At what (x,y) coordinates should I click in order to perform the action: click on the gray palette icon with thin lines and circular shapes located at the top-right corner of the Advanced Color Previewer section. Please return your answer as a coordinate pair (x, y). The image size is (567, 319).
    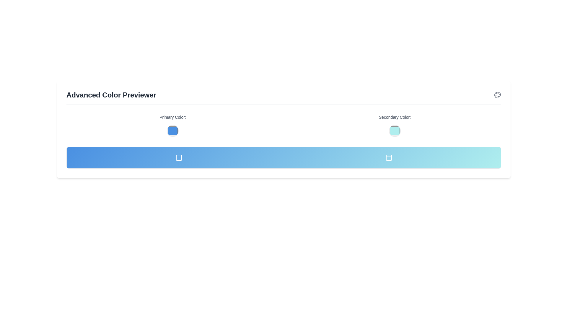
    Looking at the image, I should click on (497, 95).